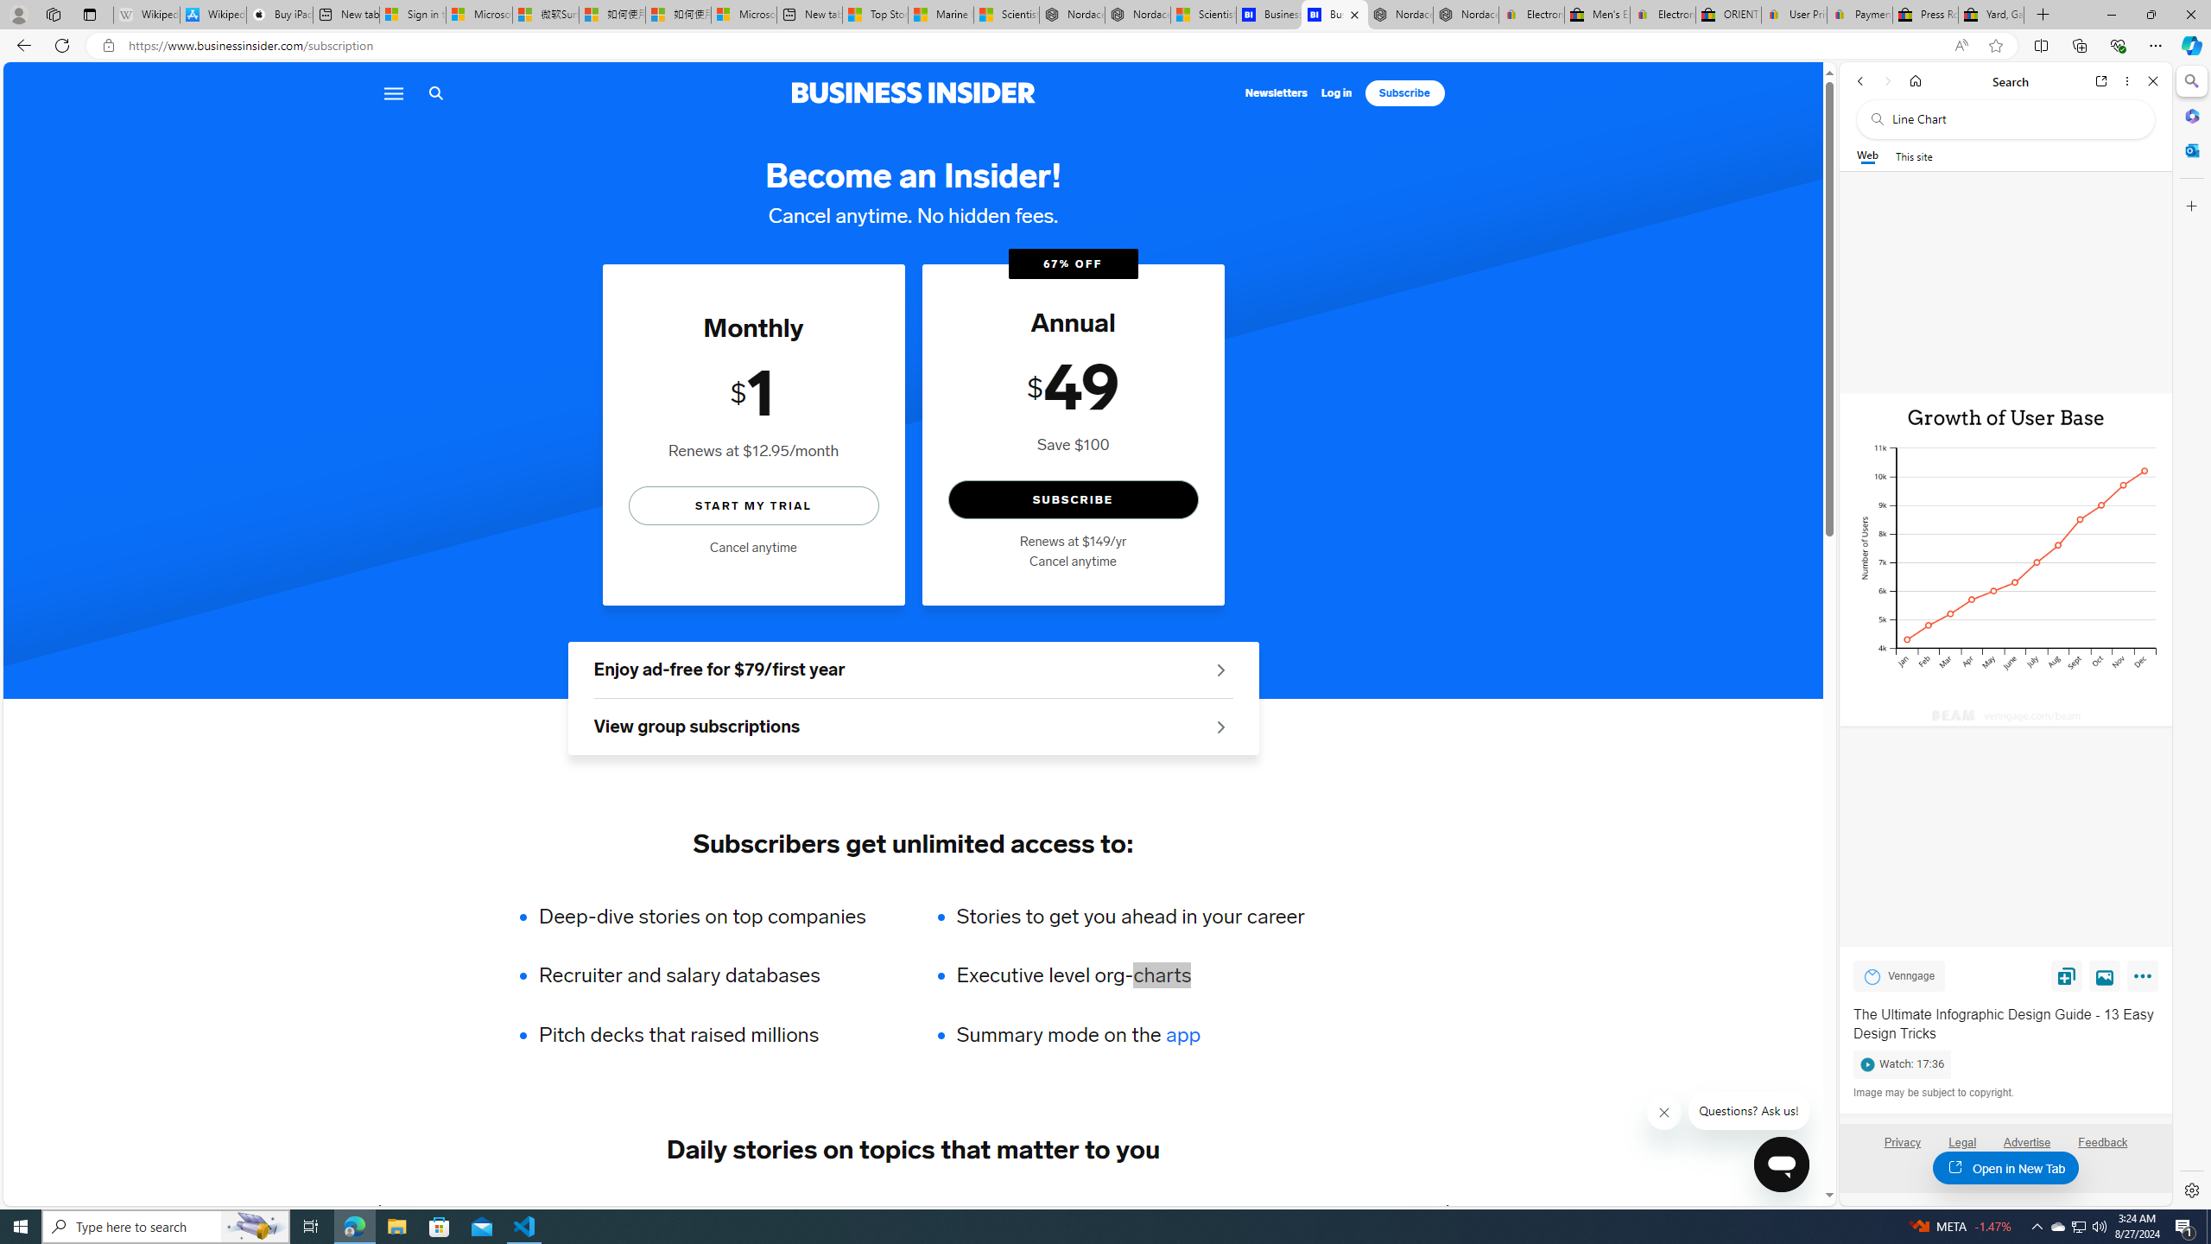 This screenshot has width=2211, height=1244. What do you see at coordinates (1073, 499) in the screenshot?
I see `'SUBSCRIBE'` at bounding box center [1073, 499].